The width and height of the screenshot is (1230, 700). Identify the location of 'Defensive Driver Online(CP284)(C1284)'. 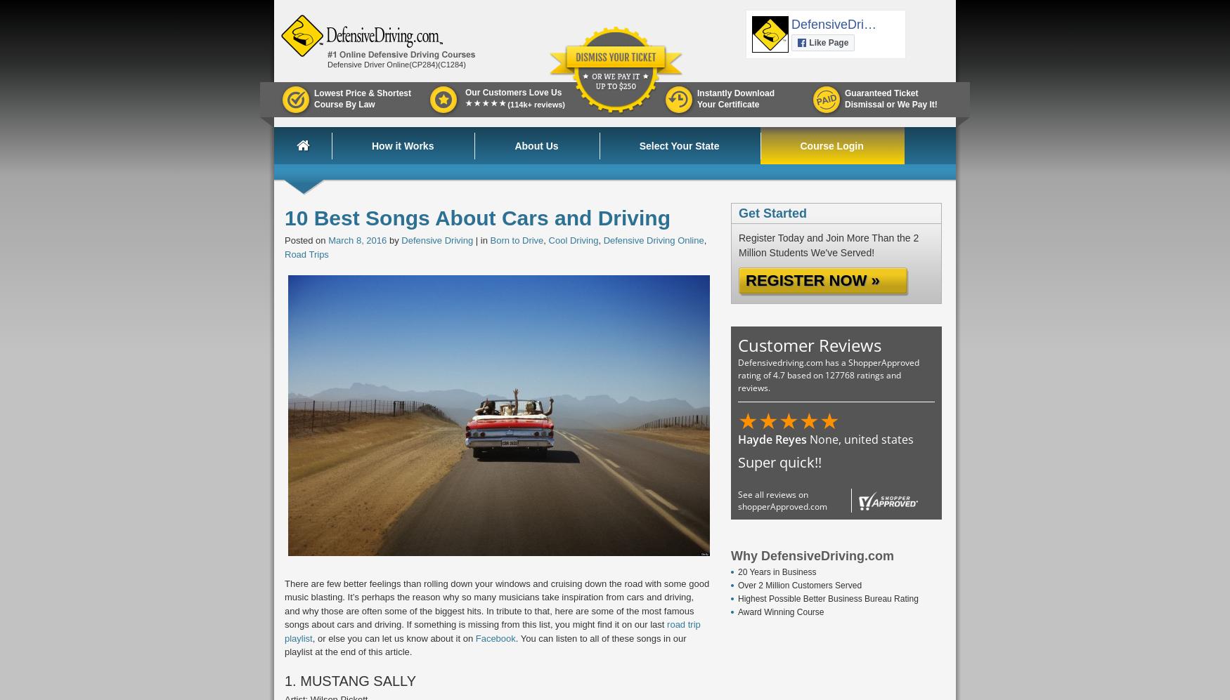
(396, 65).